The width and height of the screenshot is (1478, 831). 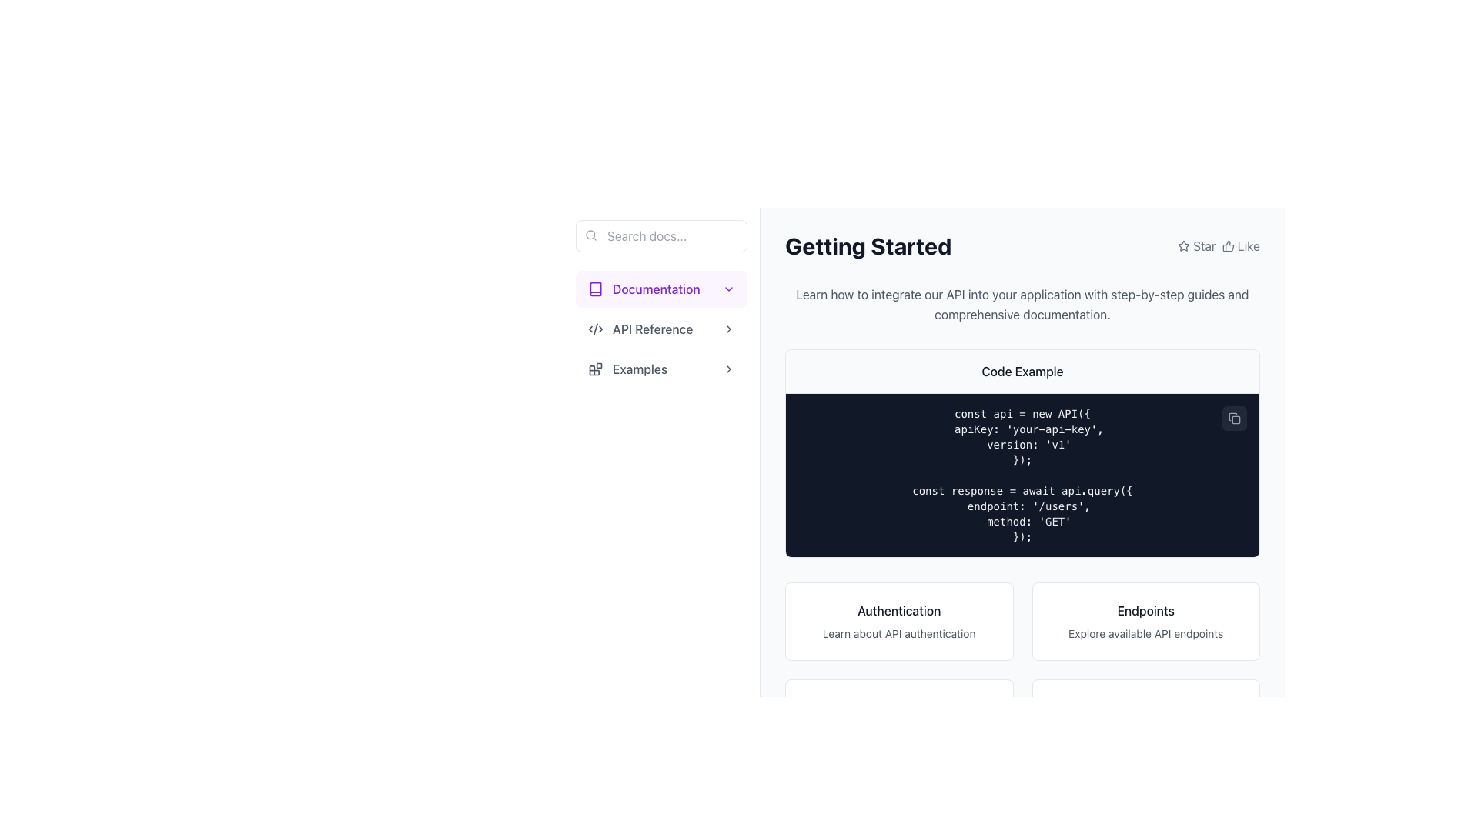 What do you see at coordinates (1203, 245) in the screenshot?
I see `the 'Star' text label located in the top-right section of the interface, which is part of a group with a star icon to its left` at bounding box center [1203, 245].